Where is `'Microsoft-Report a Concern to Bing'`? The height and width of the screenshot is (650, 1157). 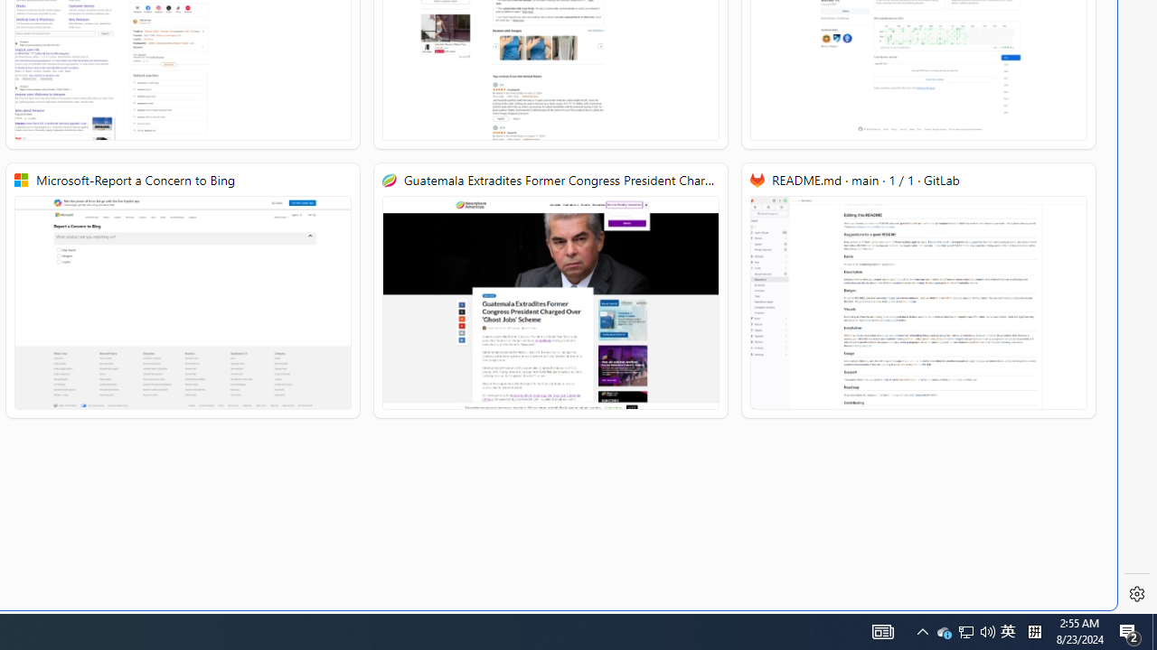 'Microsoft-Report a Concern to Bing' is located at coordinates (183, 290).